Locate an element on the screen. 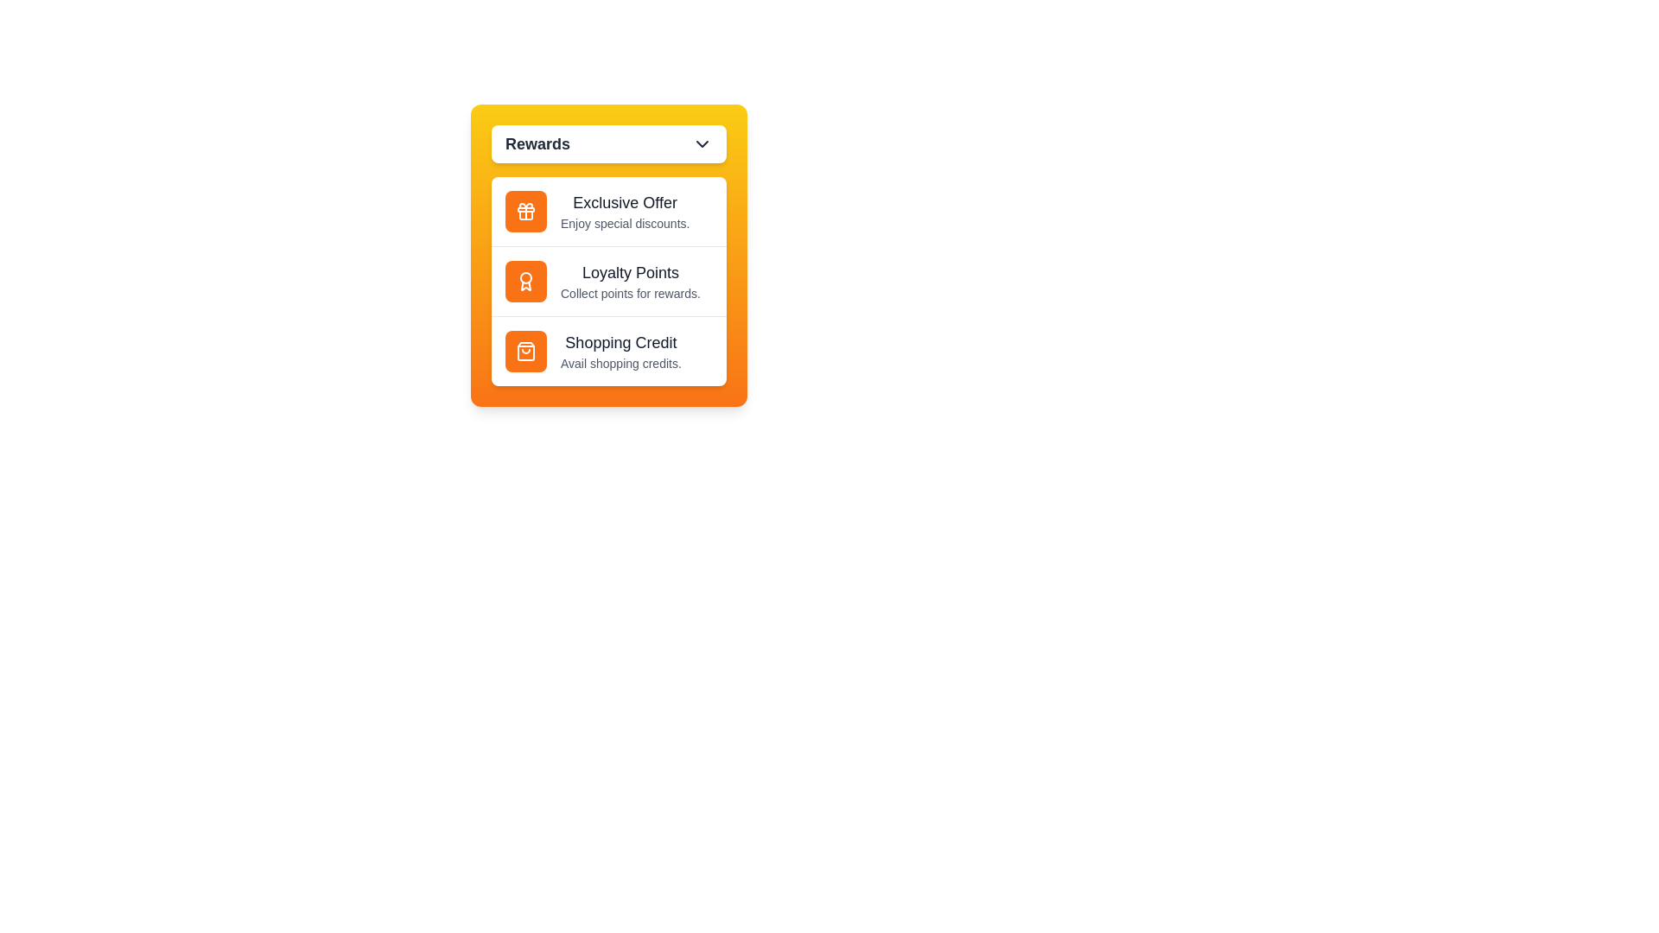  text content of the prominent text label labeled 'Loyalty Points', which is styled larger and bolder than the surrounding text is located at coordinates (629, 272).